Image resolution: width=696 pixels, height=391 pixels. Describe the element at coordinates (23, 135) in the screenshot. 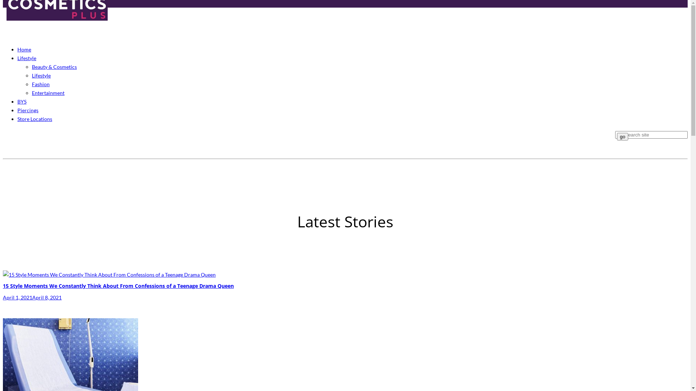

I see `'Pinterest'` at that location.